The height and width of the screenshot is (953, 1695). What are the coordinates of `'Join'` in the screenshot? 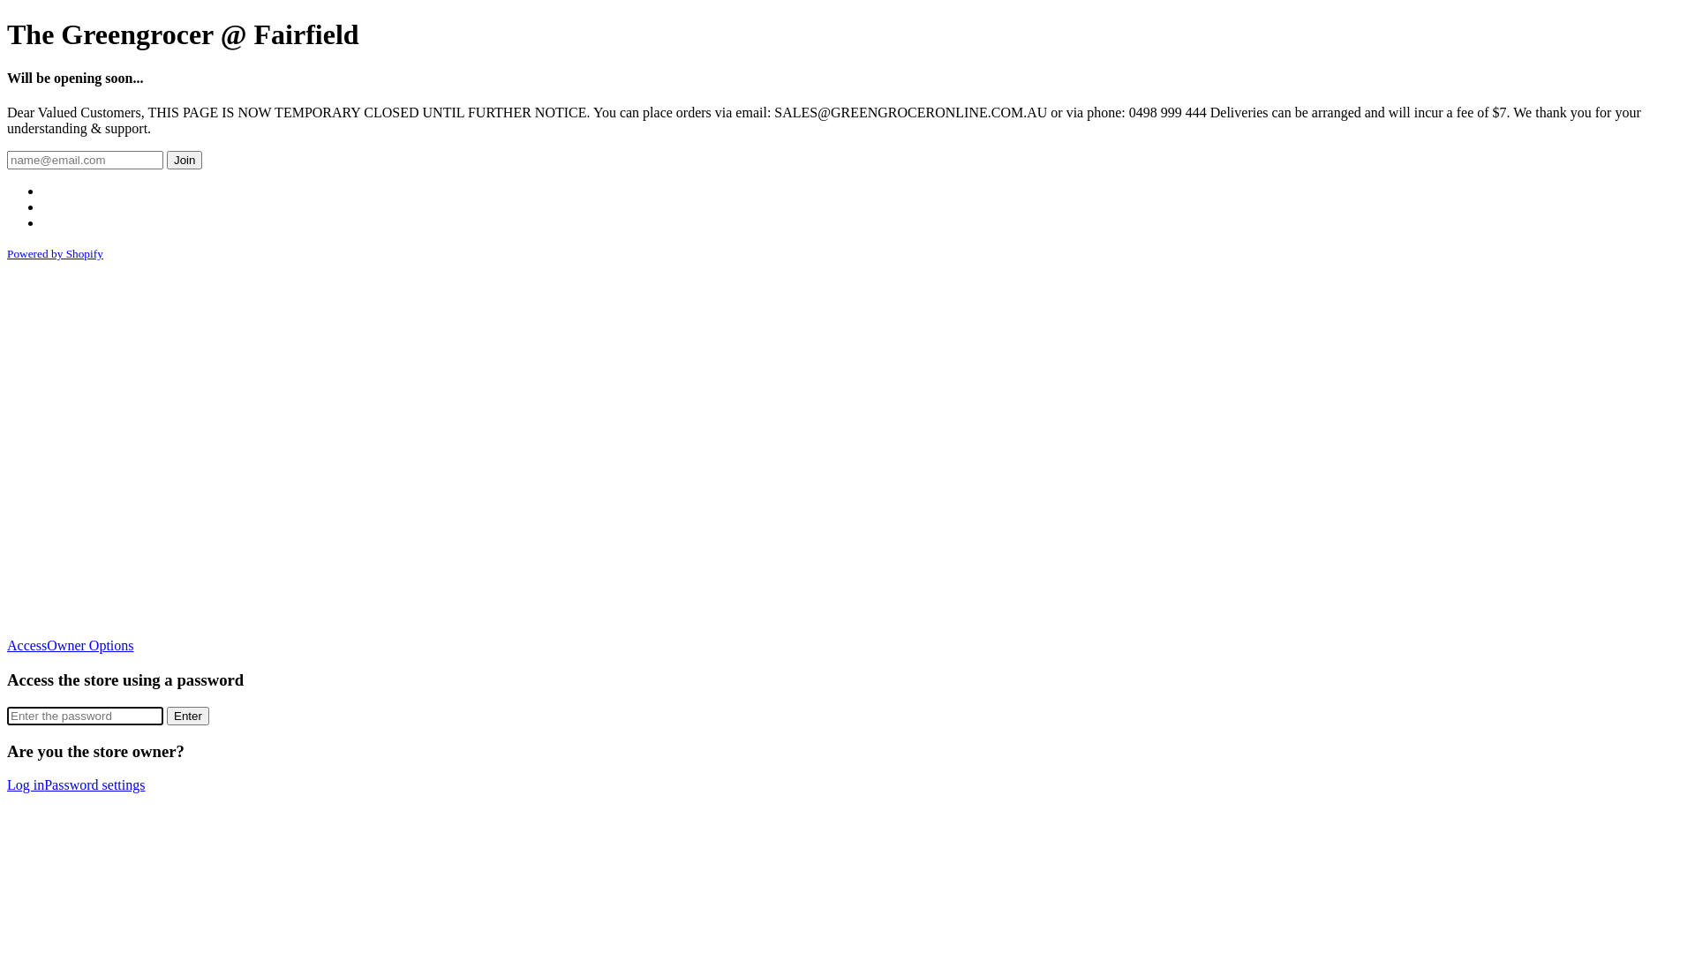 It's located at (185, 160).